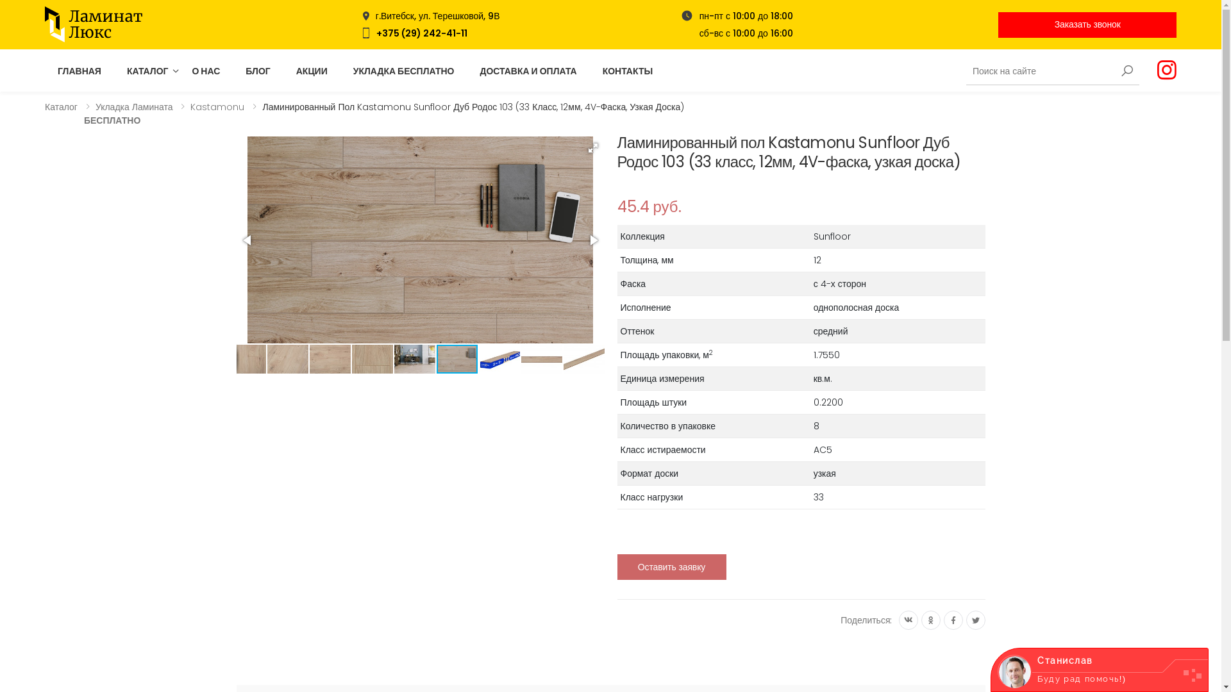 Image resolution: width=1231 pixels, height=692 pixels. I want to click on '+375 (29) 242-41-11', so click(375, 31).